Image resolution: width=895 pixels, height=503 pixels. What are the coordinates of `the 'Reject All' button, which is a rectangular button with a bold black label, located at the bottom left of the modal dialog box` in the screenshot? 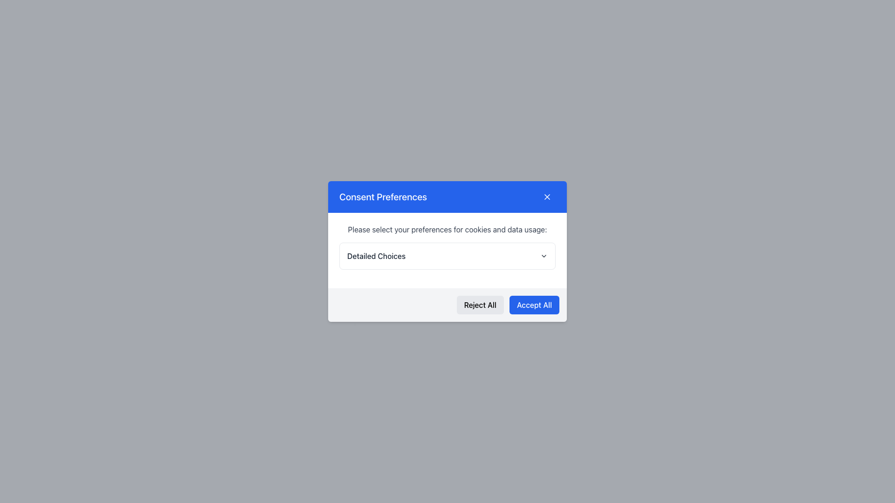 It's located at (480, 305).